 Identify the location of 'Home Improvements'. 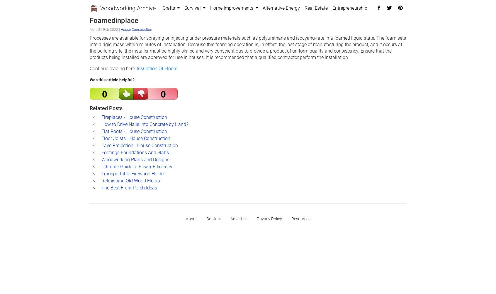
(232, 8).